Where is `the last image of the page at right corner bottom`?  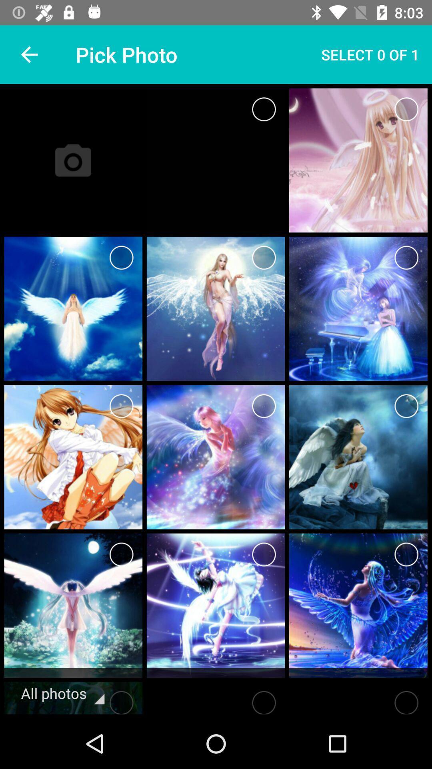
the last image of the page at right corner bottom is located at coordinates (358, 606).